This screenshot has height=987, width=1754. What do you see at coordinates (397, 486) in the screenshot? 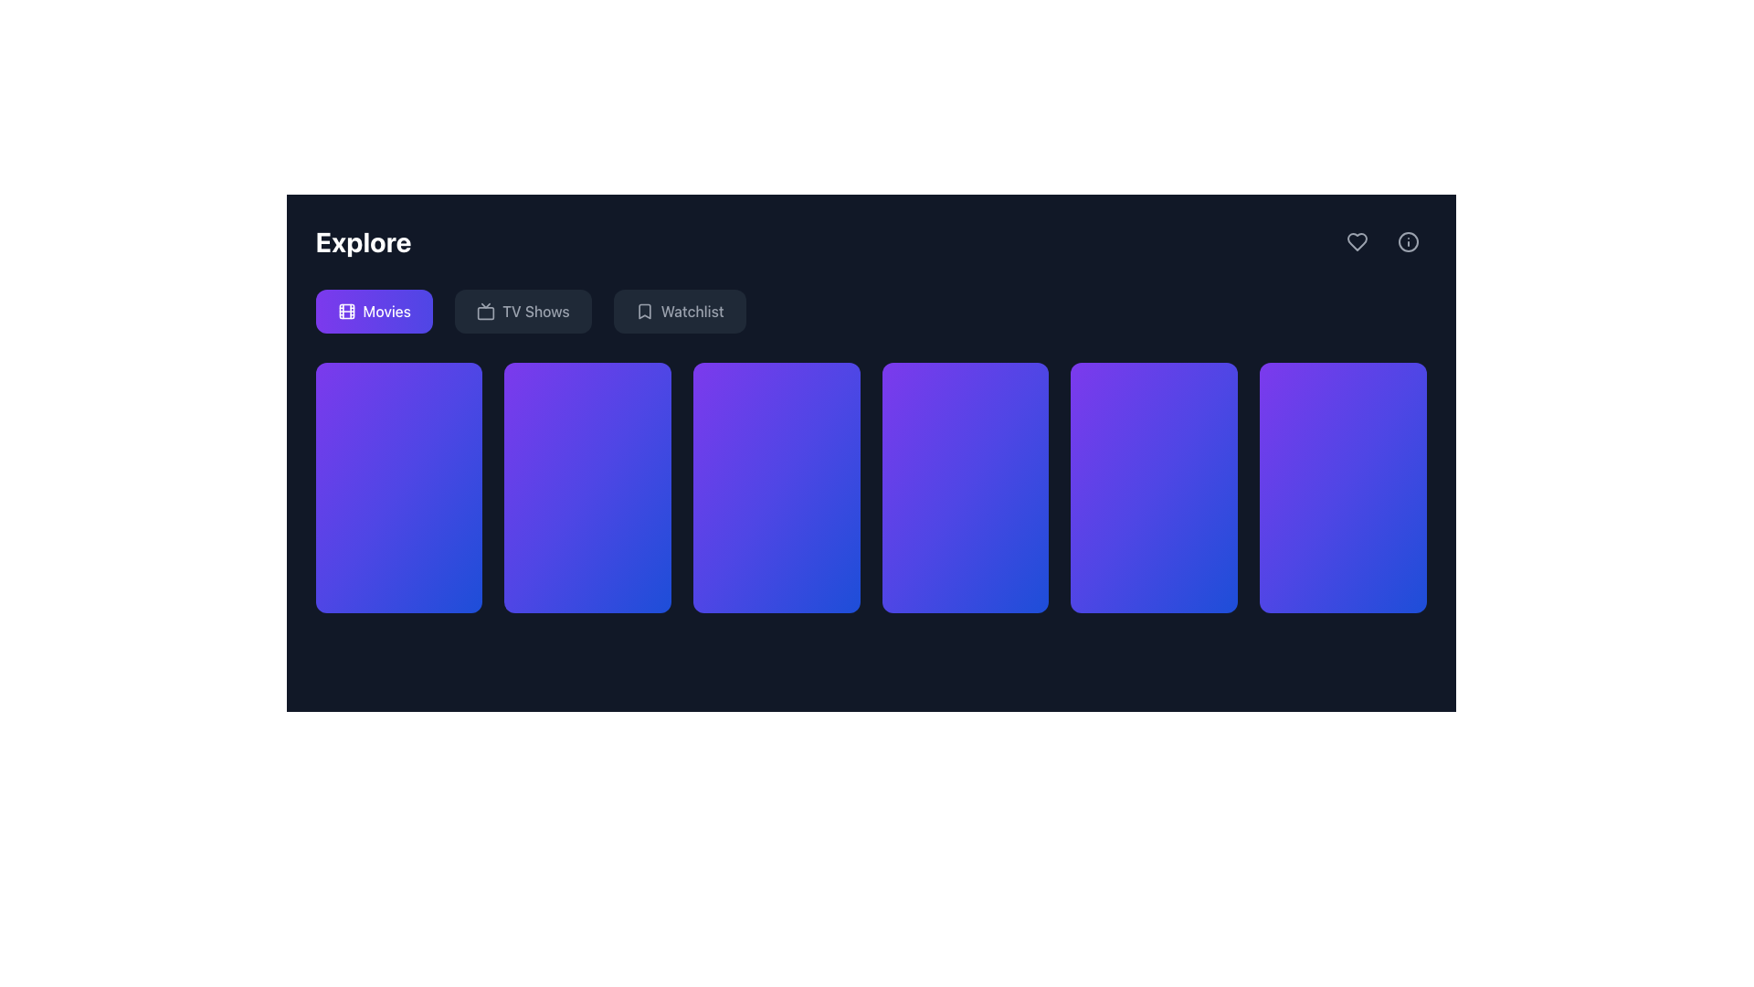
I see `the first card in the 'Explore' section of the interface, which represents an item or option selectable by the user` at bounding box center [397, 486].